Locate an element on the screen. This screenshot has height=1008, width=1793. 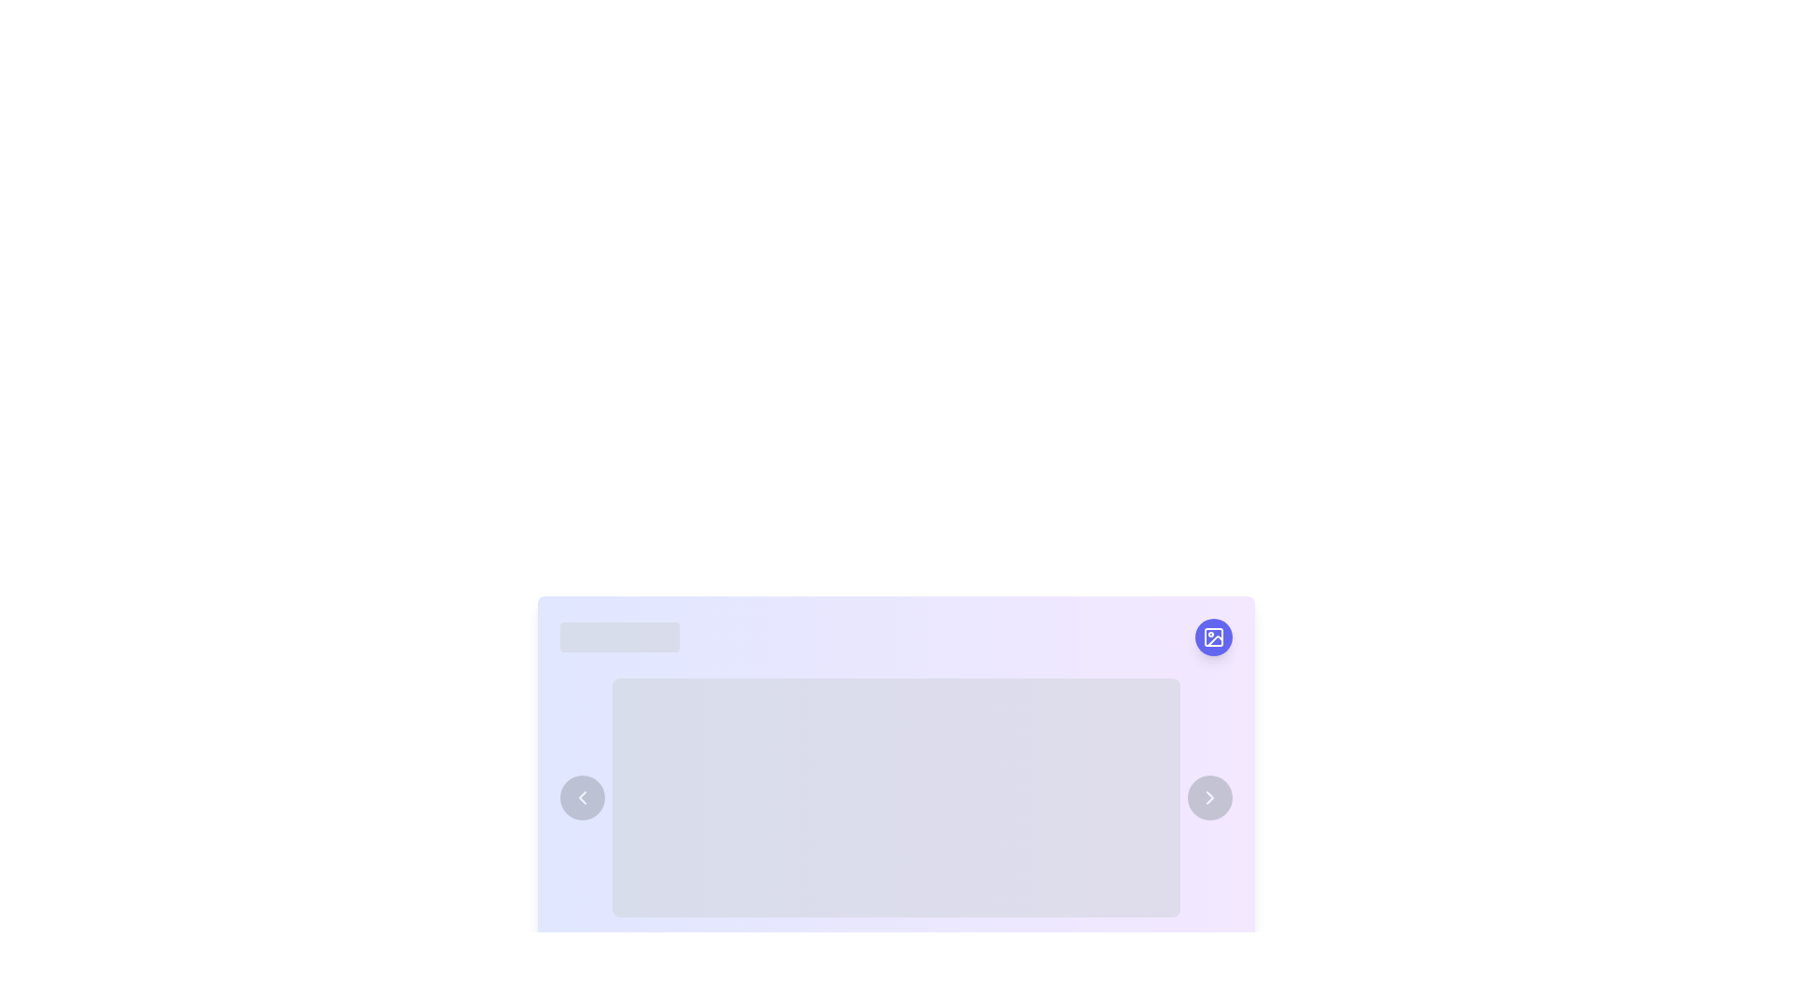
the decorative rectangle with rounded corners in the SVG icon located in the top right corner of the card-like layout is located at coordinates (1213, 636).